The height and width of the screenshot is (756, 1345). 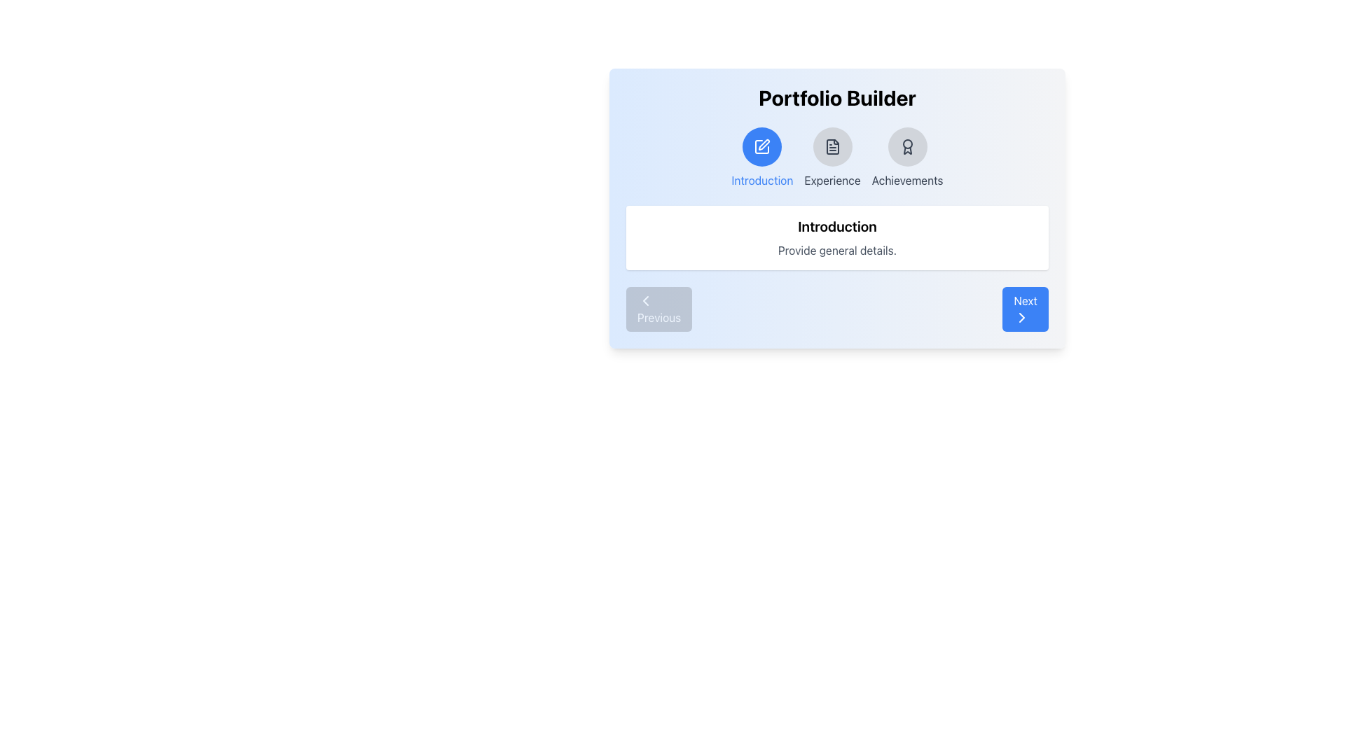 I want to click on the lower portion of the 'Achievements' icon in the header group of the portfolio builder application to navigate through the interface, so click(x=907, y=150).